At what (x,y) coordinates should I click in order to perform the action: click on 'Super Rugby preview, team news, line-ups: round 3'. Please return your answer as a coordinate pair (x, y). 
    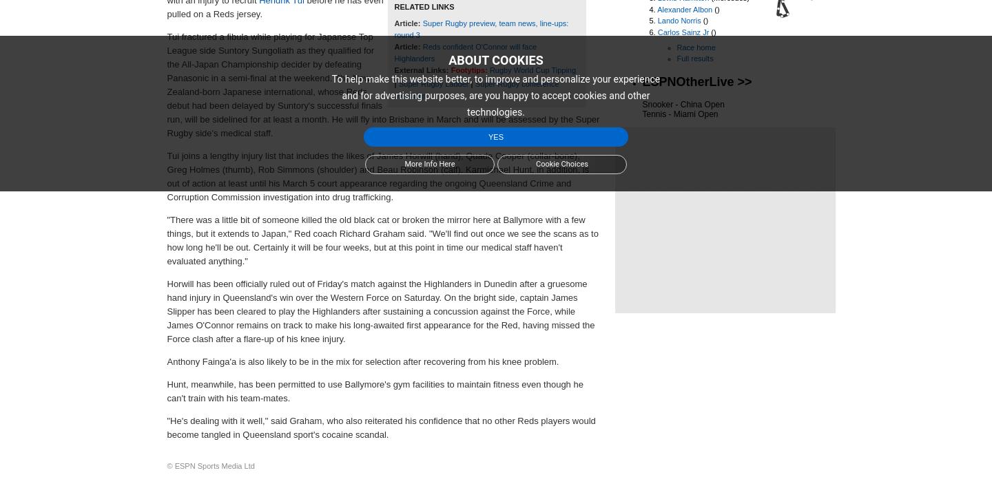
    Looking at the image, I should click on (481, 29).